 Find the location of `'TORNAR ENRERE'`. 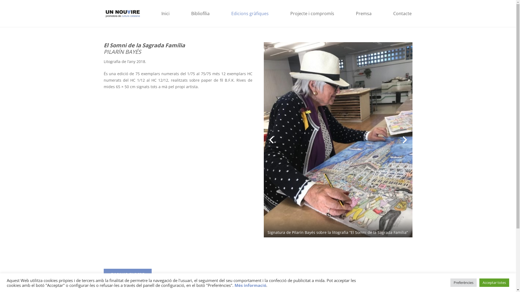

'TORNAR ENRERE' is located at coordinates (127, 274).